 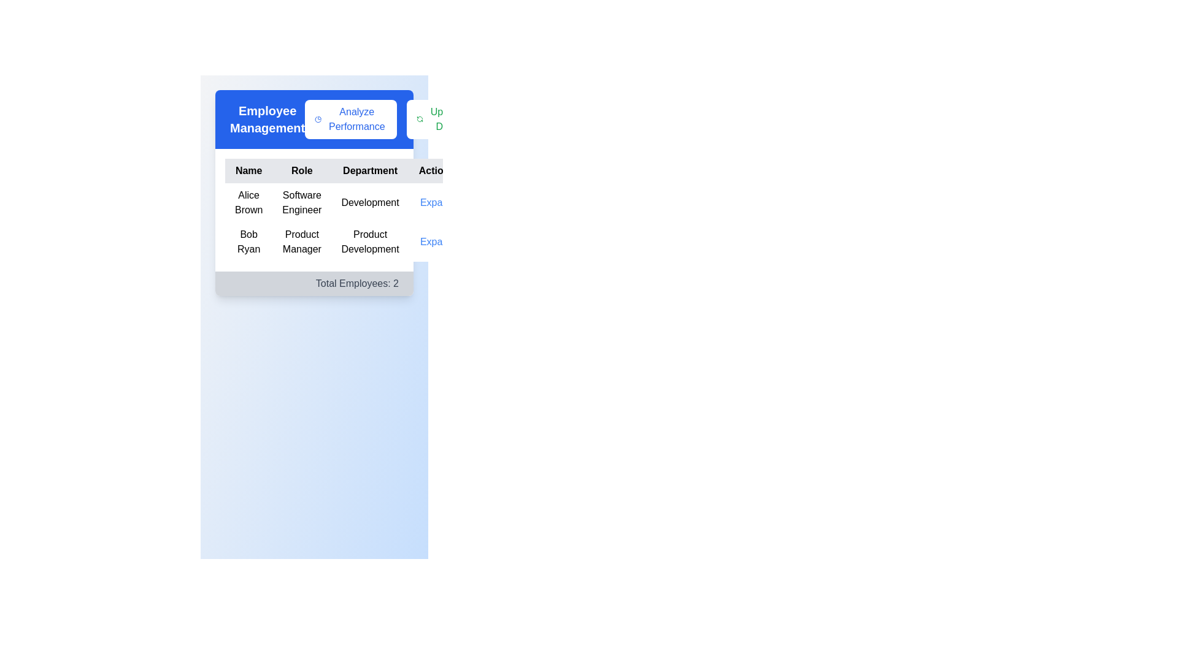 What do you see at coordinates (440, 120) in the screenshot?
I see `the 'Update Data' button, which has a white background with green text and a refresh icon` at bounding box center [440, 120].